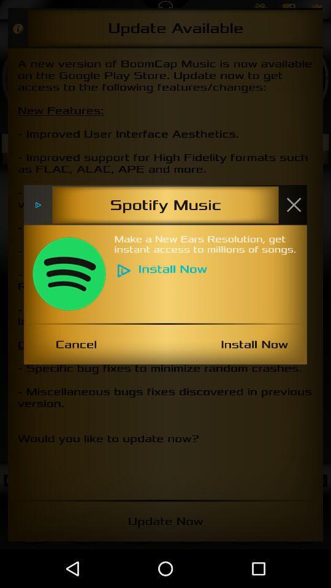  Describe the element at coordinates (293, 205) in the screenshot. I see `close` at that location.